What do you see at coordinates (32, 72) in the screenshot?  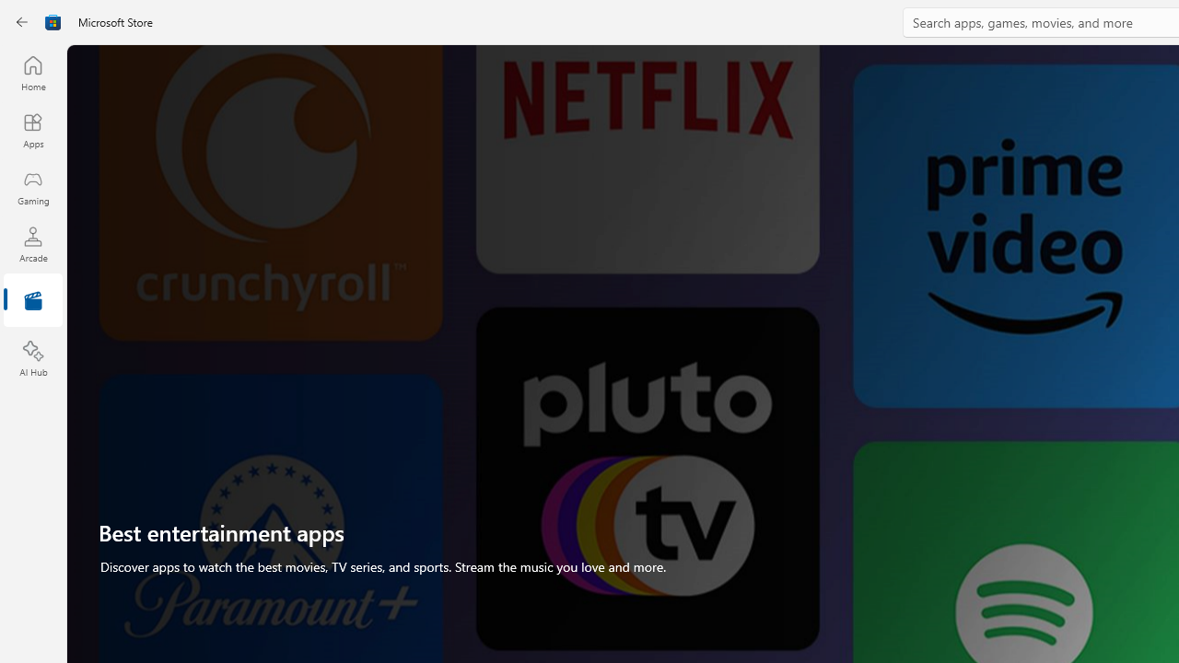 I see `'Home'` at bounding box center [32, 72].